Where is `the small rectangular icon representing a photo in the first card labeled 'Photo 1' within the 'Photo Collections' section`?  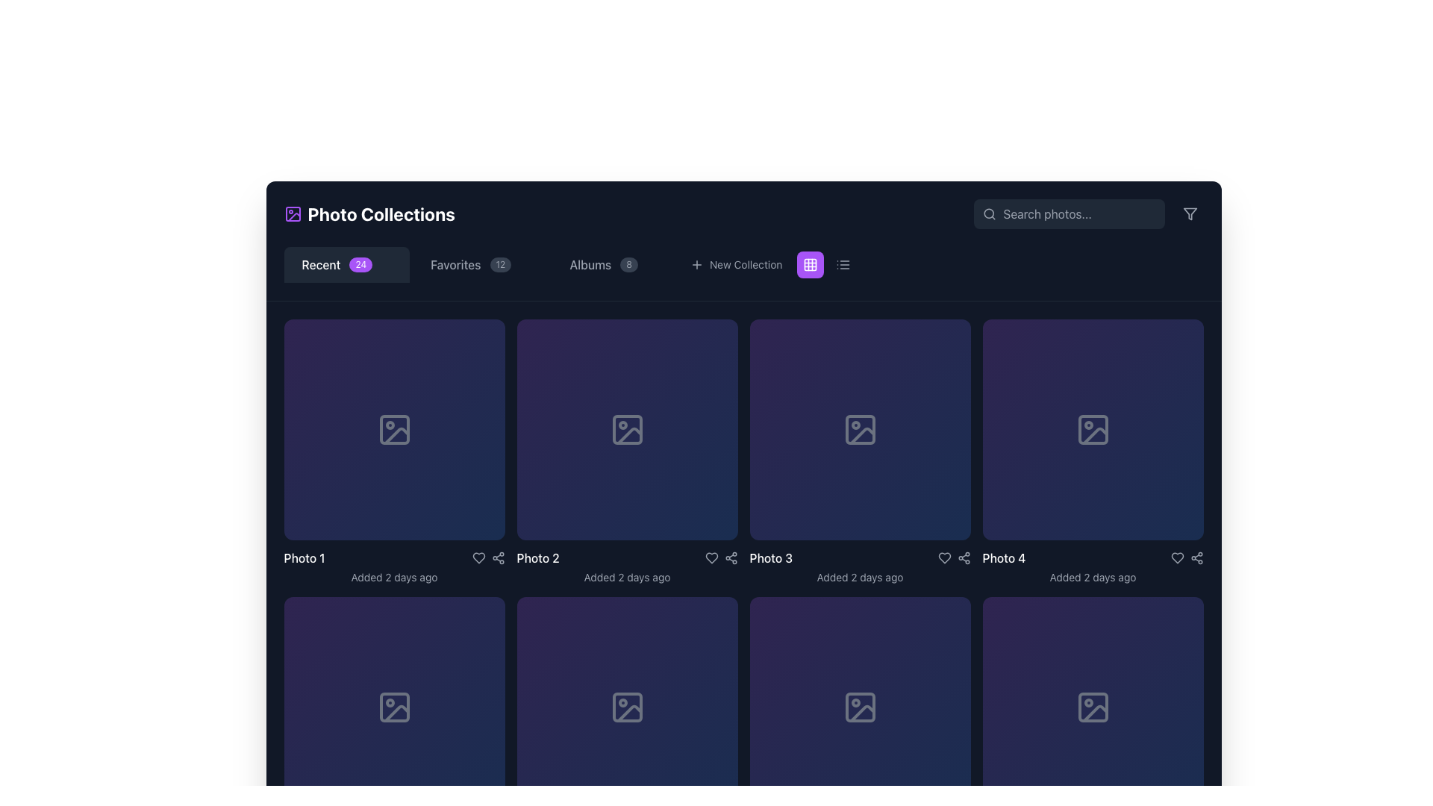
the small rectangular icon representing a photo in the first card labeled 'Photo 1' within the 'Photo Collections' section is located at coordinates (394, 429).